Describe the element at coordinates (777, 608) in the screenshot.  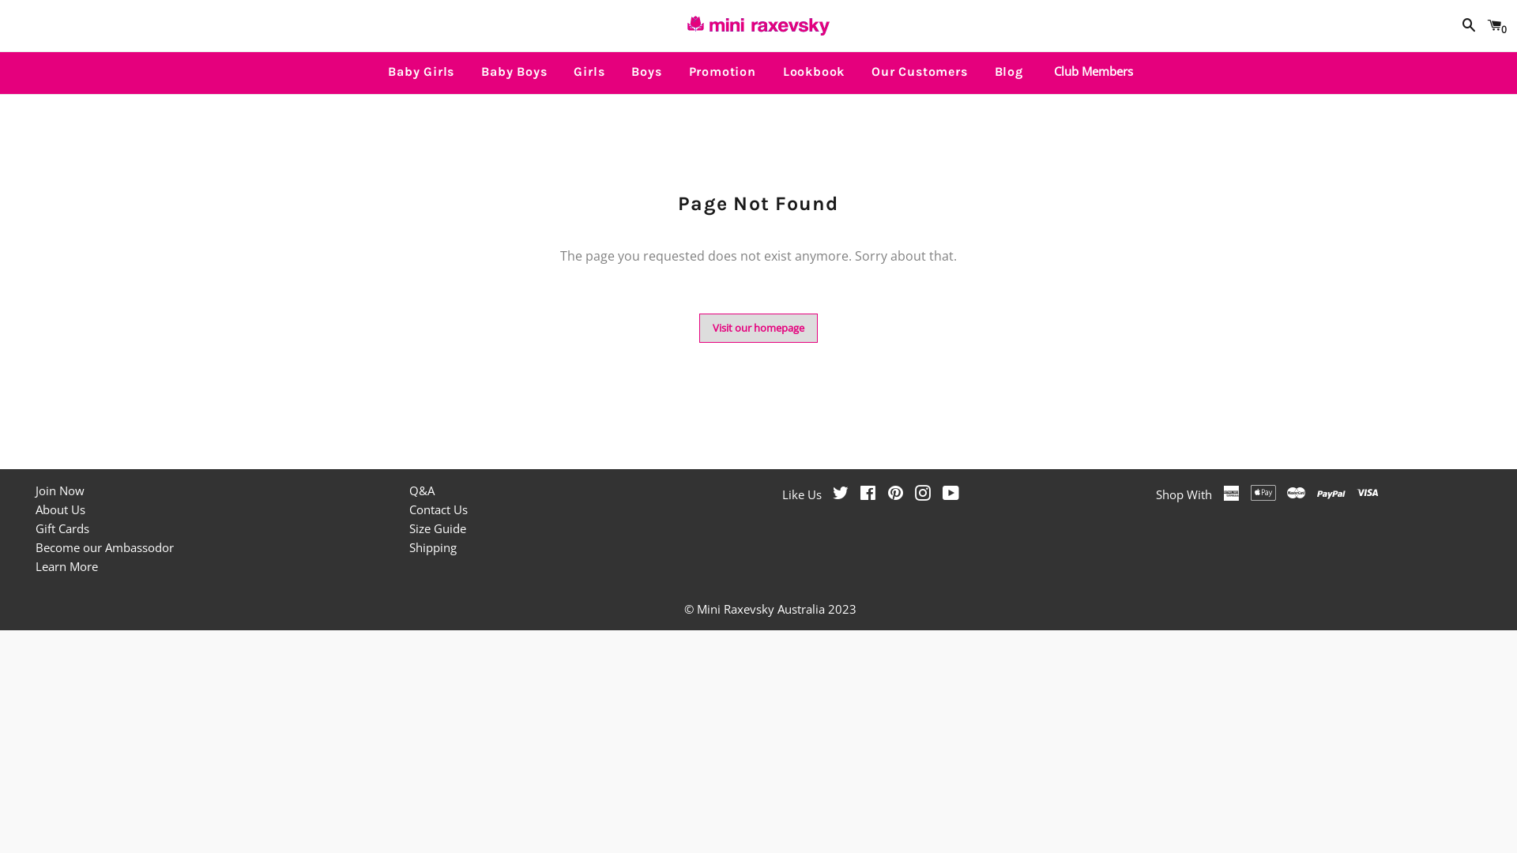
I see `'Mini Raxevsky Australia 2023'` at that location.